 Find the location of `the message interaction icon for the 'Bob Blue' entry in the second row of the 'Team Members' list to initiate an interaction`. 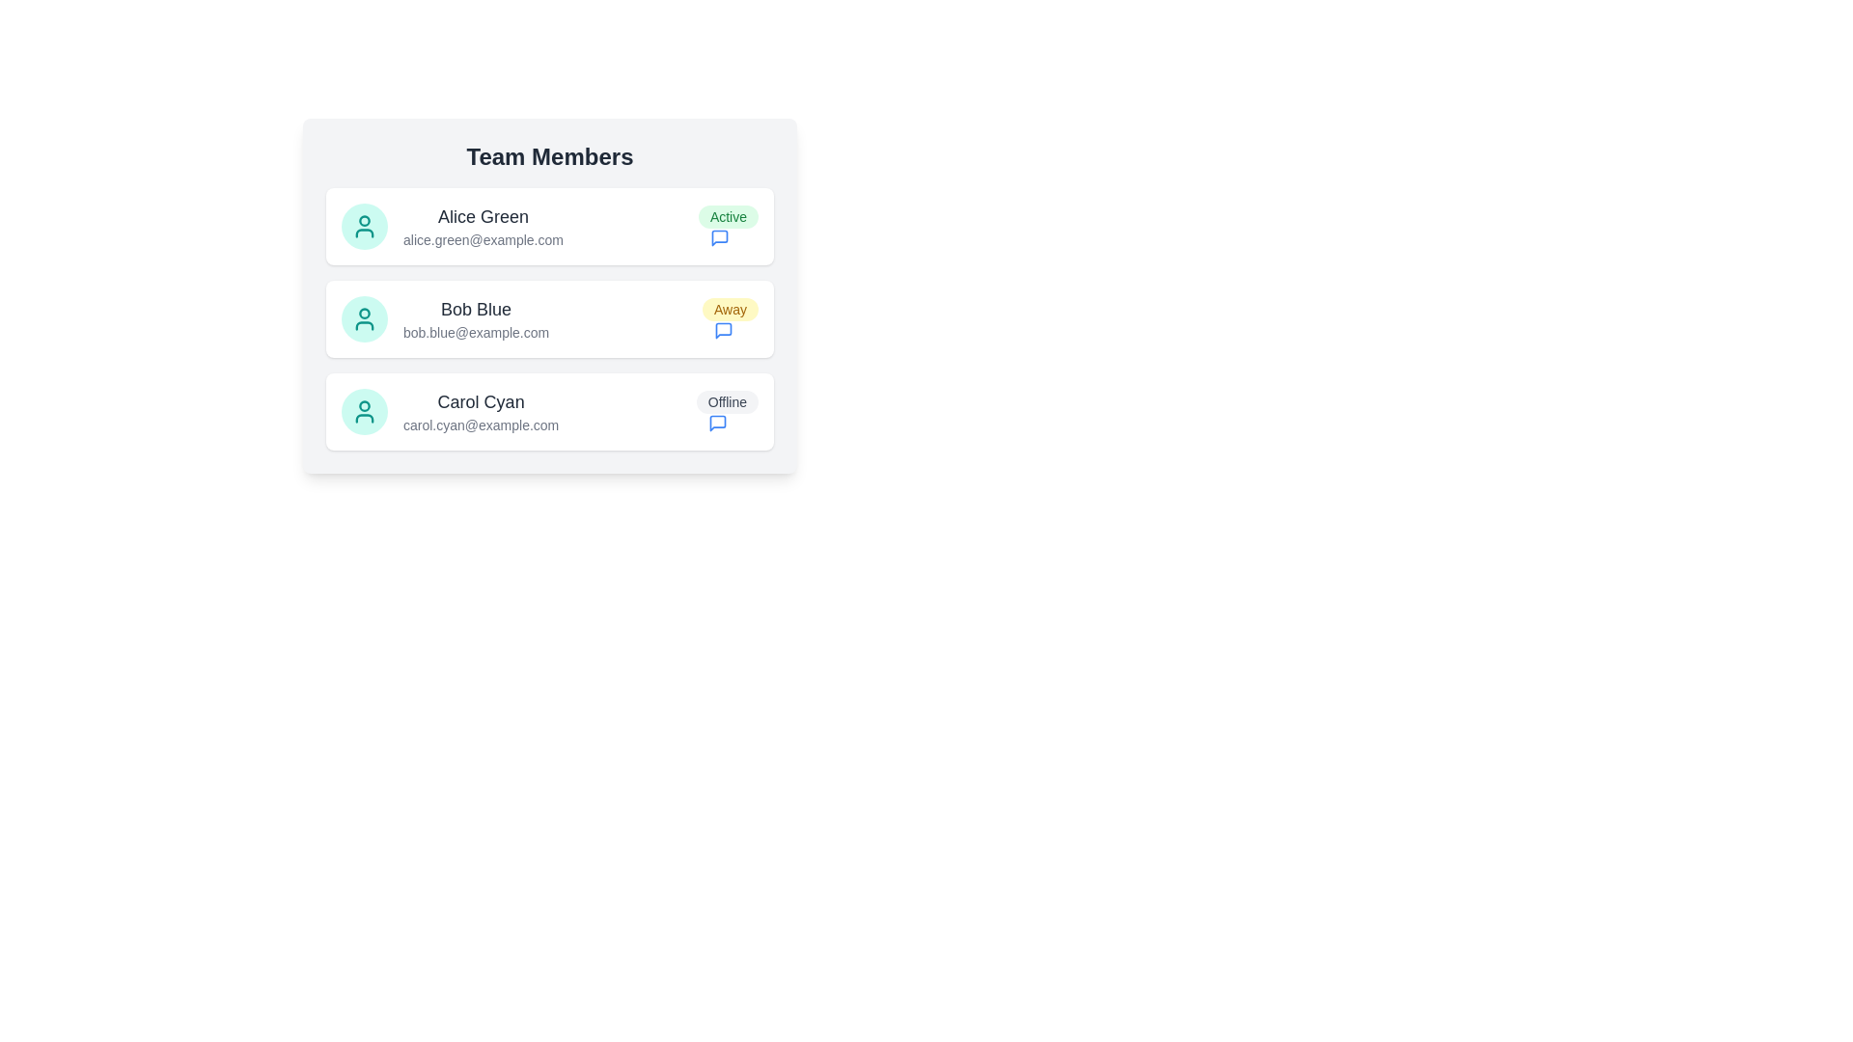

the message interaction icon for the 'Bob Blue' entry in the second row of the 'Team Members' list to initiate an interaction is located at coordinates (722, 330).